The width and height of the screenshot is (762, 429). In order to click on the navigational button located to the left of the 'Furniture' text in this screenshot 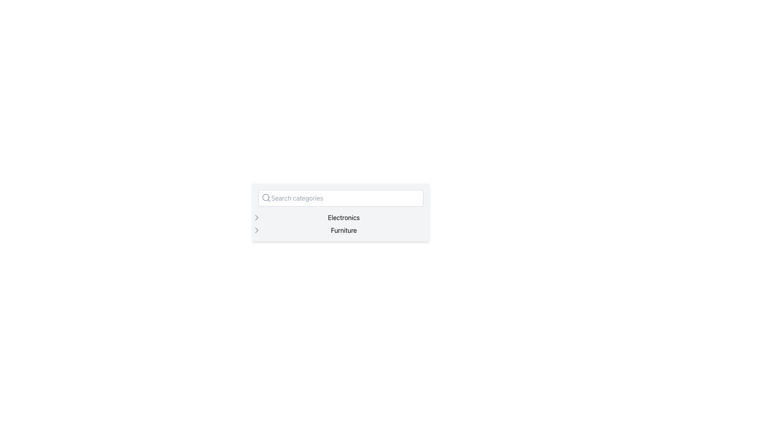, I will do `click(256, 230)`.